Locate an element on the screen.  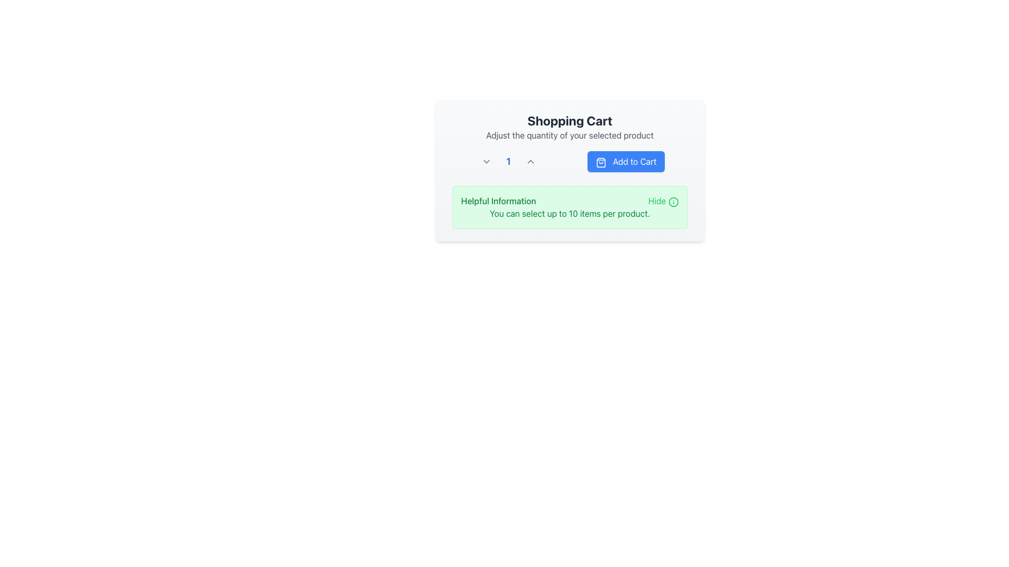
the green outlined circle within the SVG icon located at the top-right corner of the green rectangular area labeled 'Helpful Information', next to the text 'Hide' is located at coordinates (673, 202).